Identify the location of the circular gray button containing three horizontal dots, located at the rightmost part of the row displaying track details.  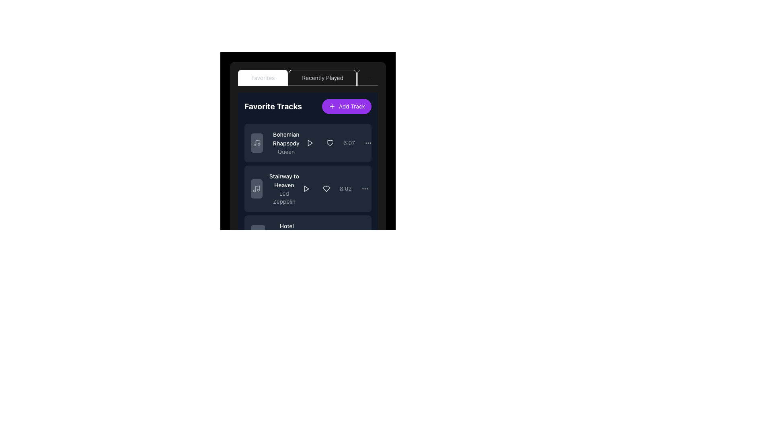
(368, 142).